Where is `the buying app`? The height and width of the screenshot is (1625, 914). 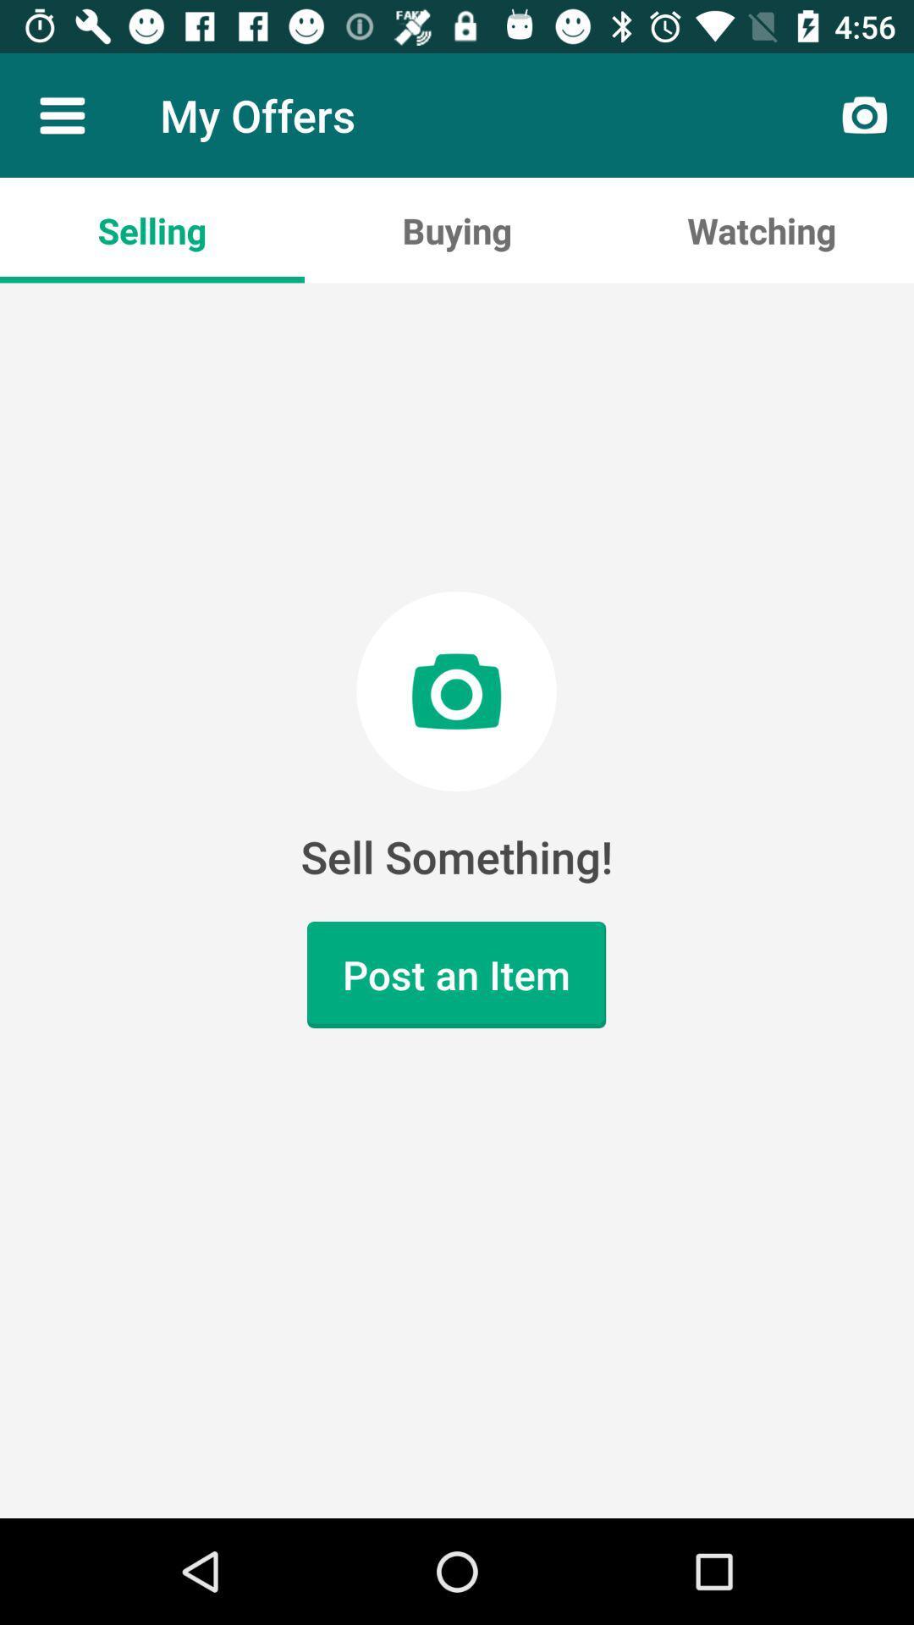
the buying app is located at coordinates (457, 229).